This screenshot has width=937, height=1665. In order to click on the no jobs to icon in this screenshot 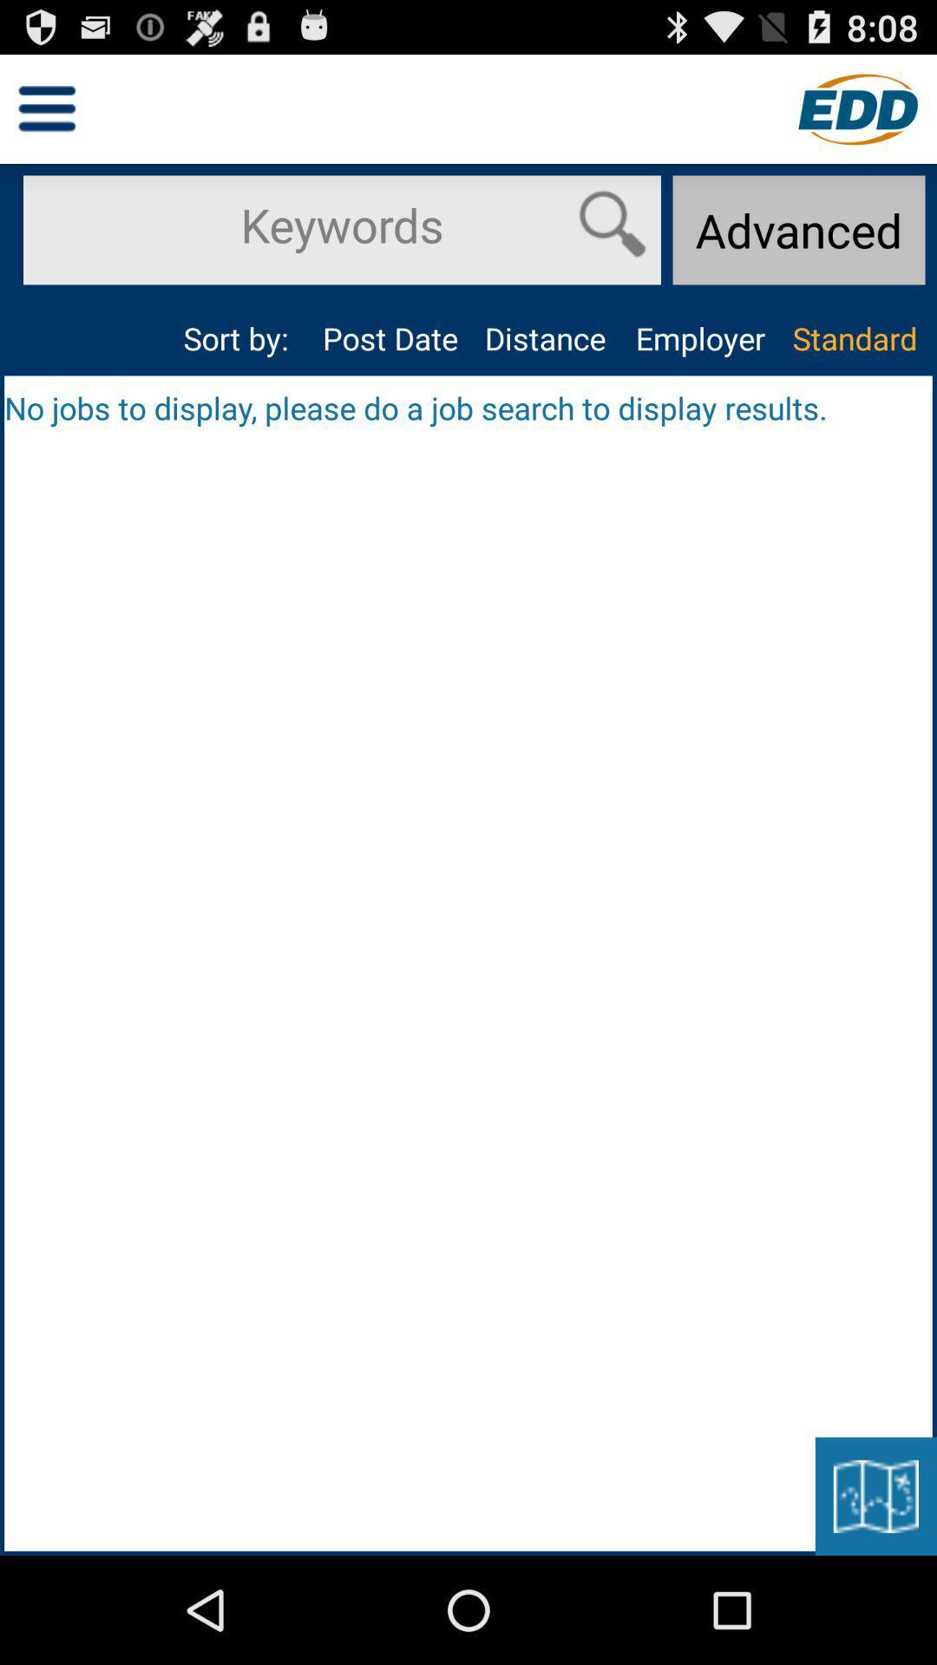, I will do `click(468, 407)`.